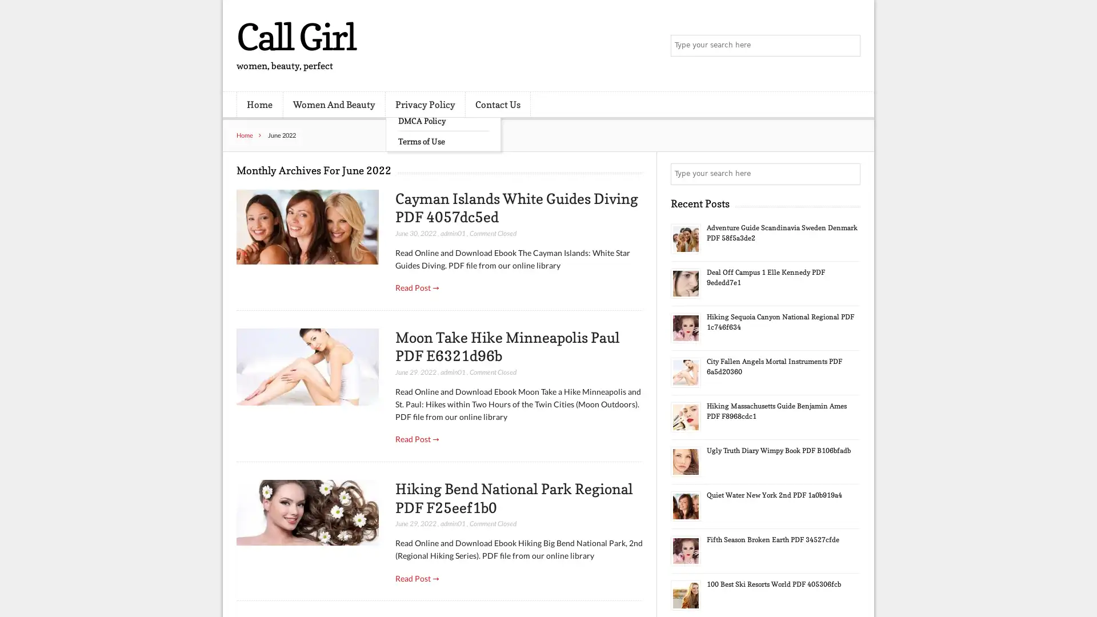 Image resolution: width=1097 pixels, height=617 pixels. I want to click on Search, so click(848, 46).